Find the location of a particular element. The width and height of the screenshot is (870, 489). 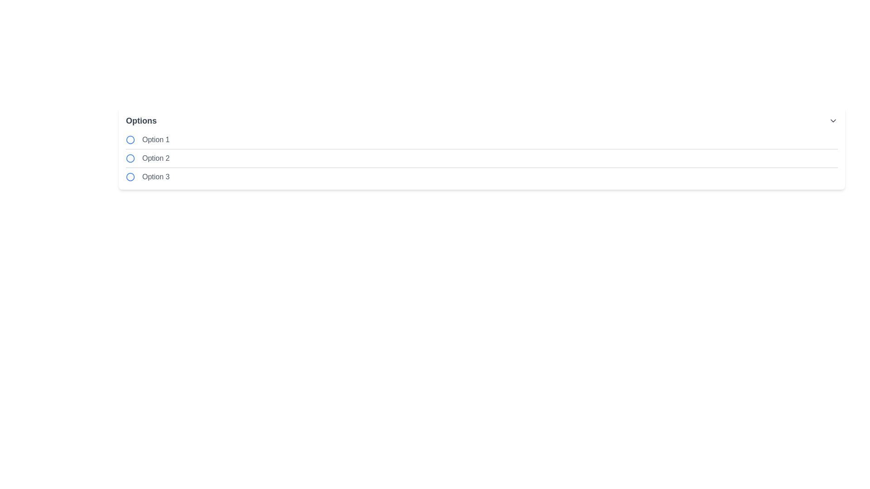

the circular radio button indicator with a blue outline next to the text label 'Option 2' is located at coordinates (130, 158).